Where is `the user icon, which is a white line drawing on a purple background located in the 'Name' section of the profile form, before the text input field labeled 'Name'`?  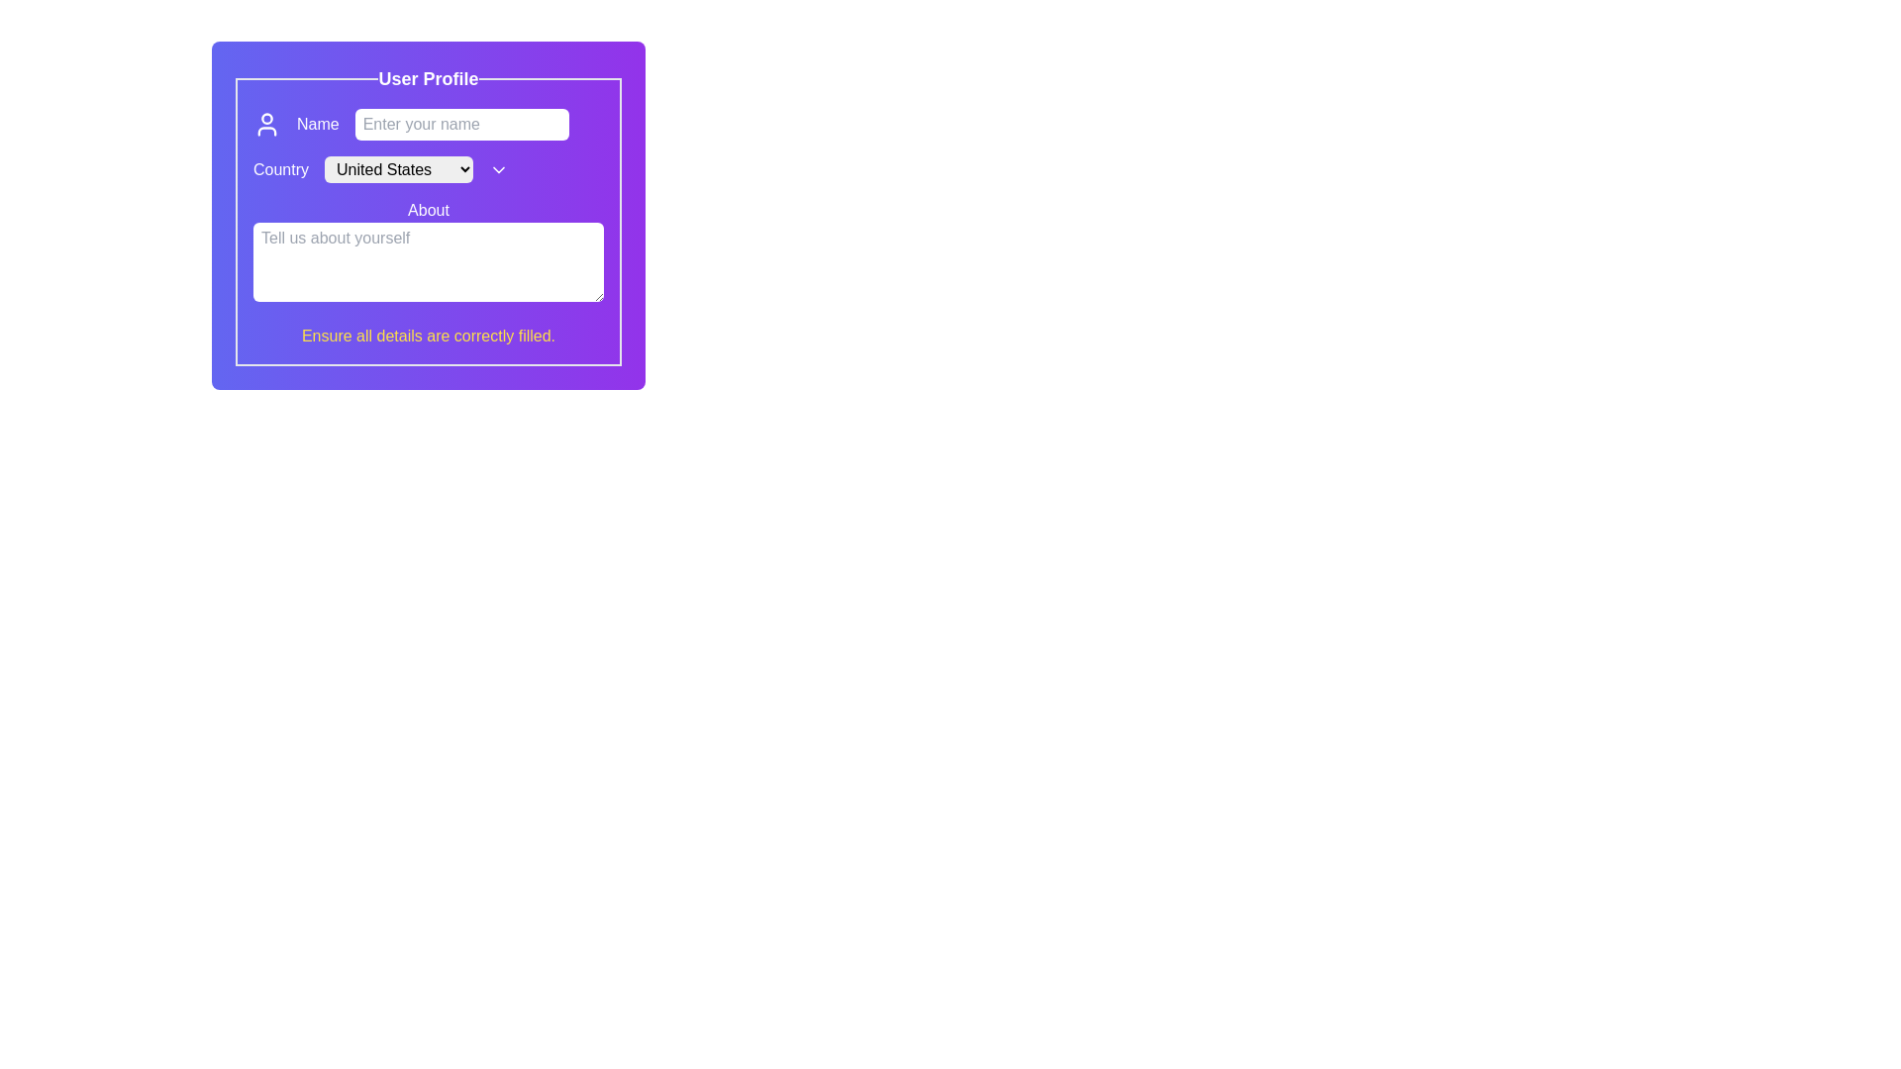 the user icon, which is a white line drawing on a purple background located in the 'Name' section of the profile form, before the text input field labeled 'Name' is located at coordinates (265, 125).